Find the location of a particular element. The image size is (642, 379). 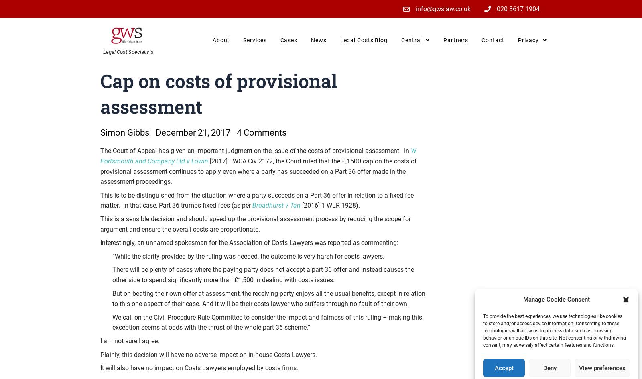

'Simon Gibbs' is located at coordinates (125, 132).